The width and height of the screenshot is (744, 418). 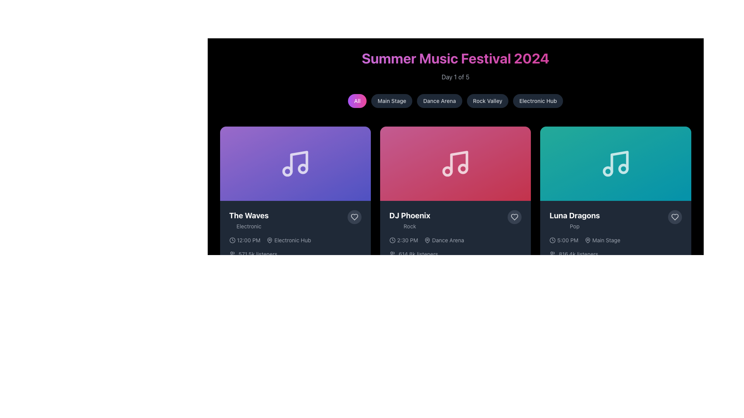 What do you see at coordinates (515, 217) in the screenshot?
I see `the circular button with a heart icon located in the top-right corner of the 'DJ Phoenix' card` at bounding box center [515, 217].